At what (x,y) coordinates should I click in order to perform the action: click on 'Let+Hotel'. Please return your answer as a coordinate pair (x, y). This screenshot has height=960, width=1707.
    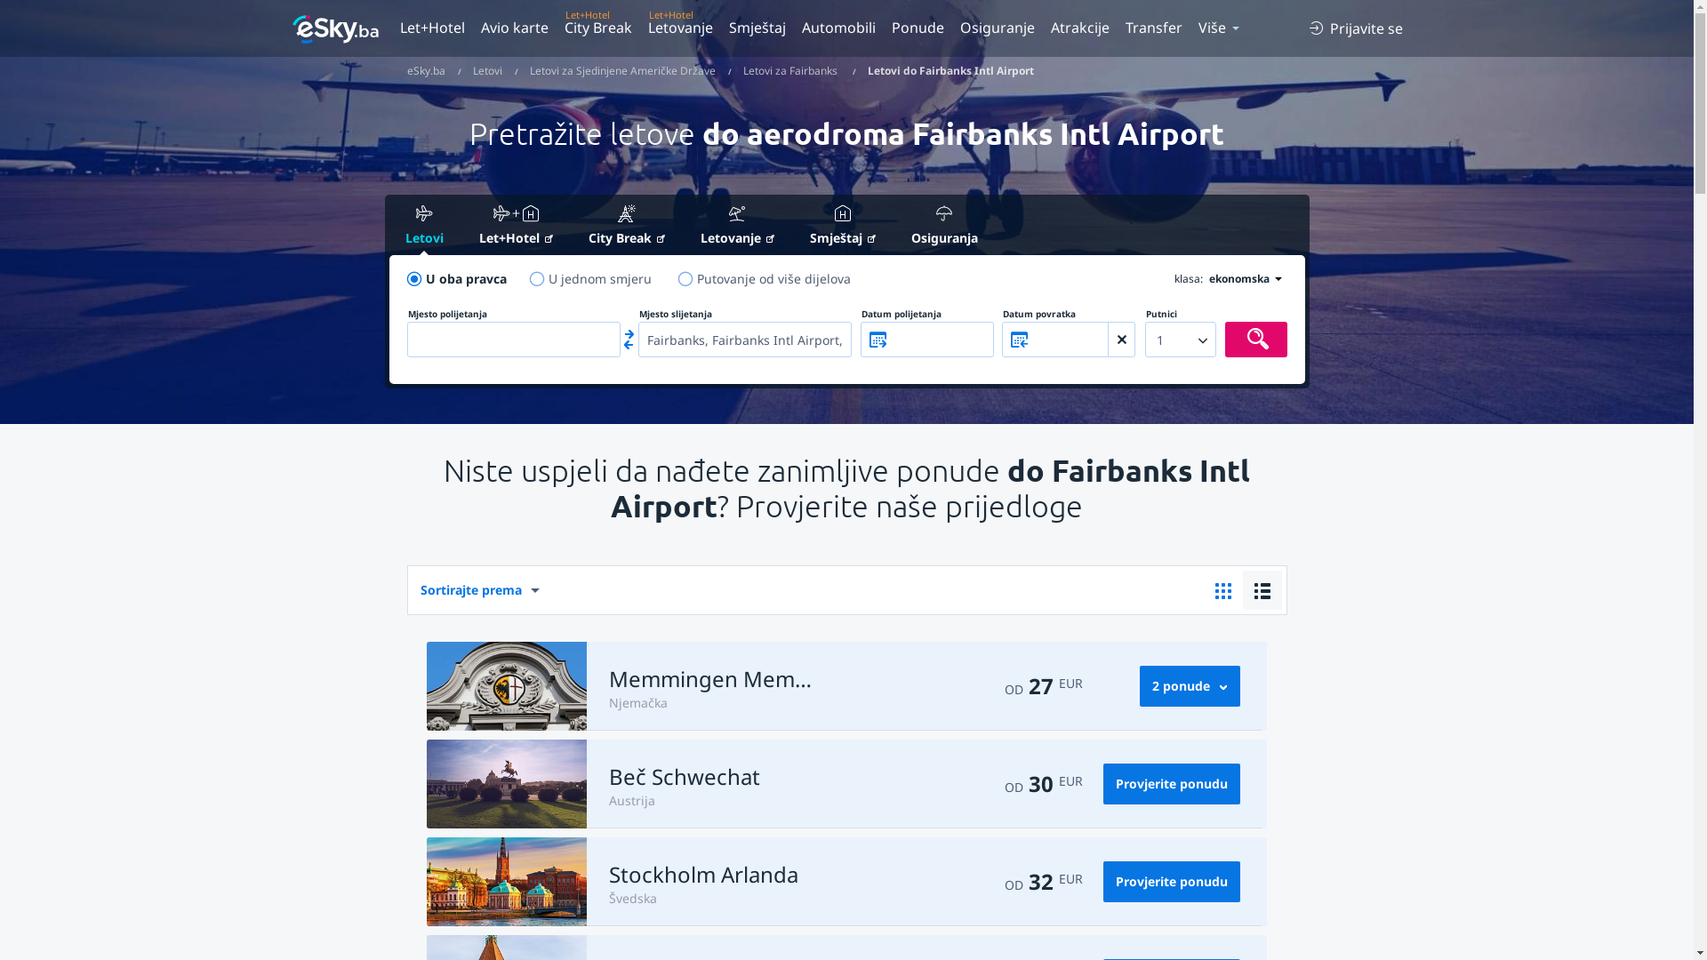
    Looking at the image, I should click on (435, 27).